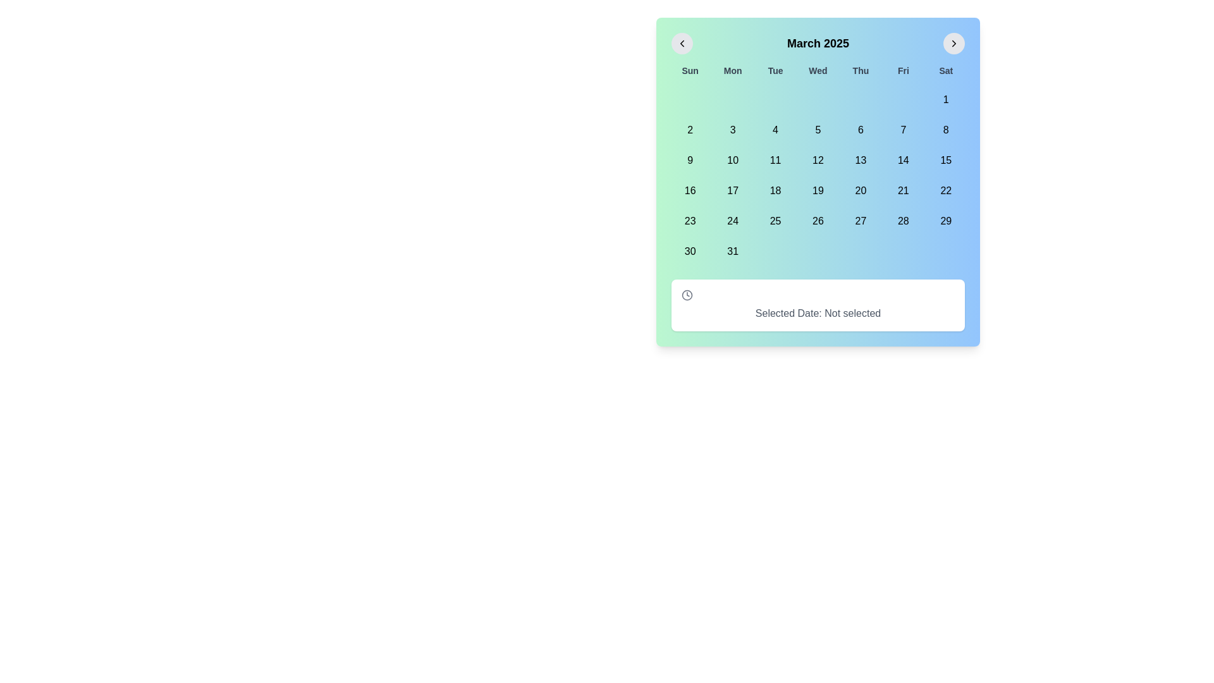  What do you see at coordinates (818, 160) in the screenshot?
I see `the selectable date button for the 12th day of the month in the calendar interface` at bounding box center [818, 160].